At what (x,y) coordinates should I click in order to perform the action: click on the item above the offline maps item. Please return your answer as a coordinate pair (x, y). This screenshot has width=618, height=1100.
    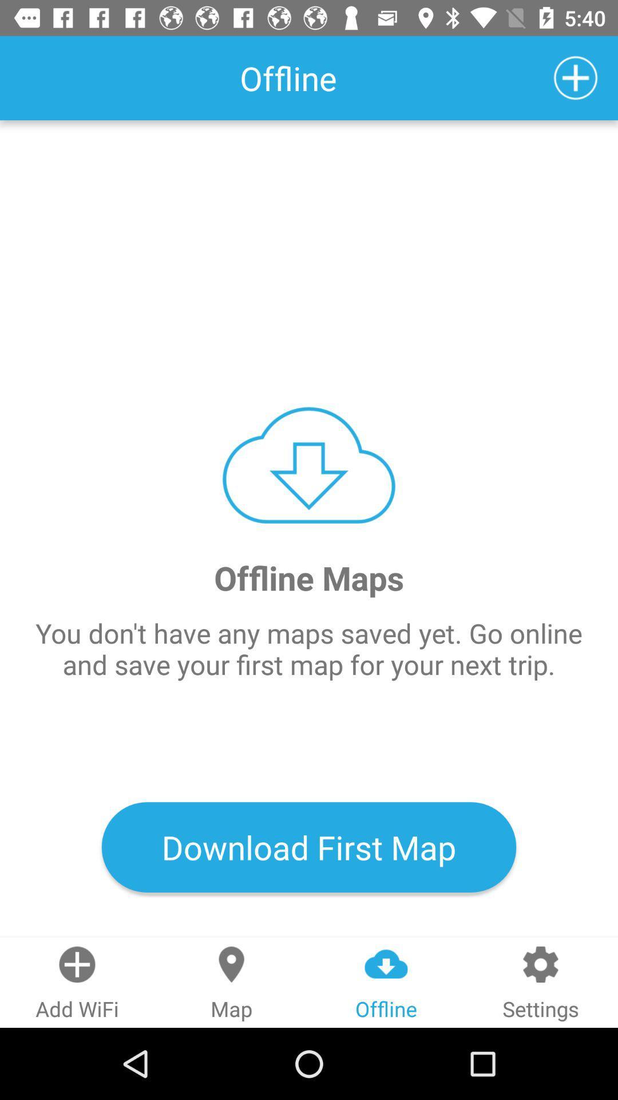
    Looking at the image, I should click on (576, 77).